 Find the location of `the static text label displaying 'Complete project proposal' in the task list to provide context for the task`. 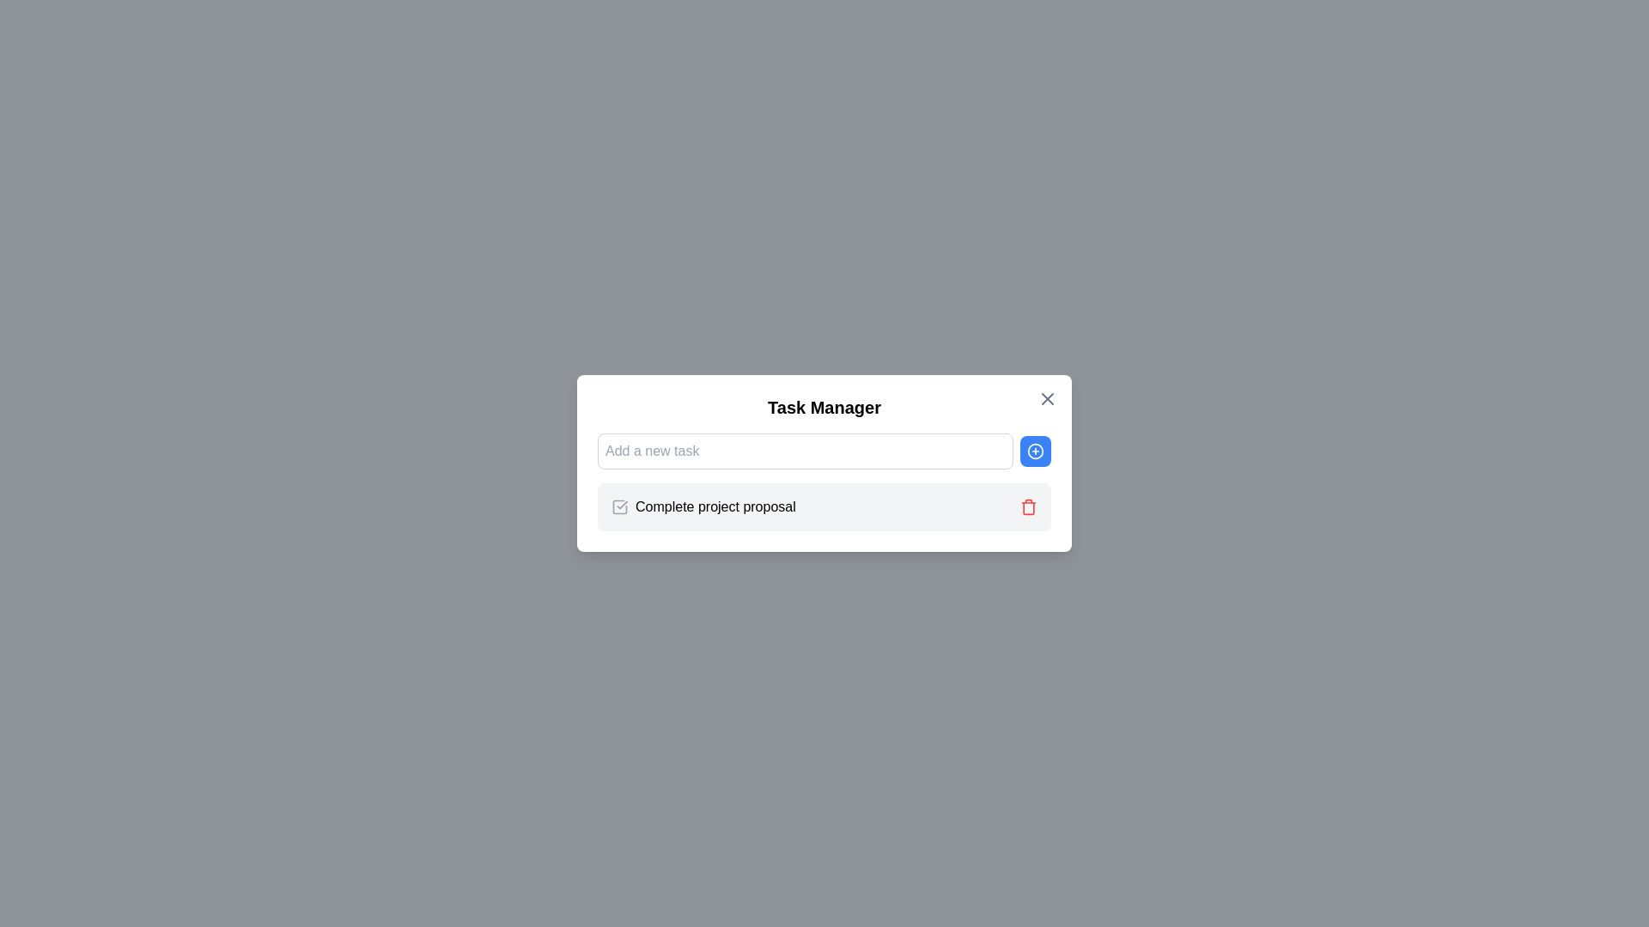

the static text label displaying 'Complete project proposal' in the task list to provide context for the task is located at coordinates (703, 506).